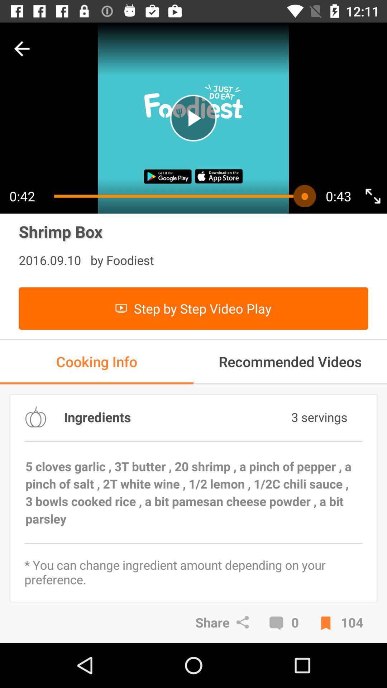 The image size is (387, 688). What do you see at coordinates (193, 118) in the screenshot?
I see `advertisement page` at bounding box center [193, 118].